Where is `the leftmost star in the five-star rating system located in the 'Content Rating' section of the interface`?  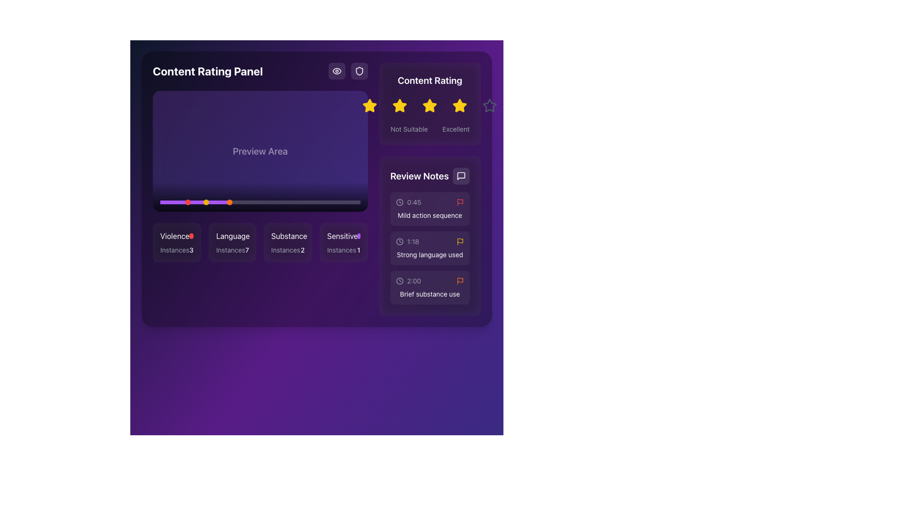
the leftmost star in the five-star rating system located in the 'Content Rating' section of the interface is located at coordinates (369, 105).